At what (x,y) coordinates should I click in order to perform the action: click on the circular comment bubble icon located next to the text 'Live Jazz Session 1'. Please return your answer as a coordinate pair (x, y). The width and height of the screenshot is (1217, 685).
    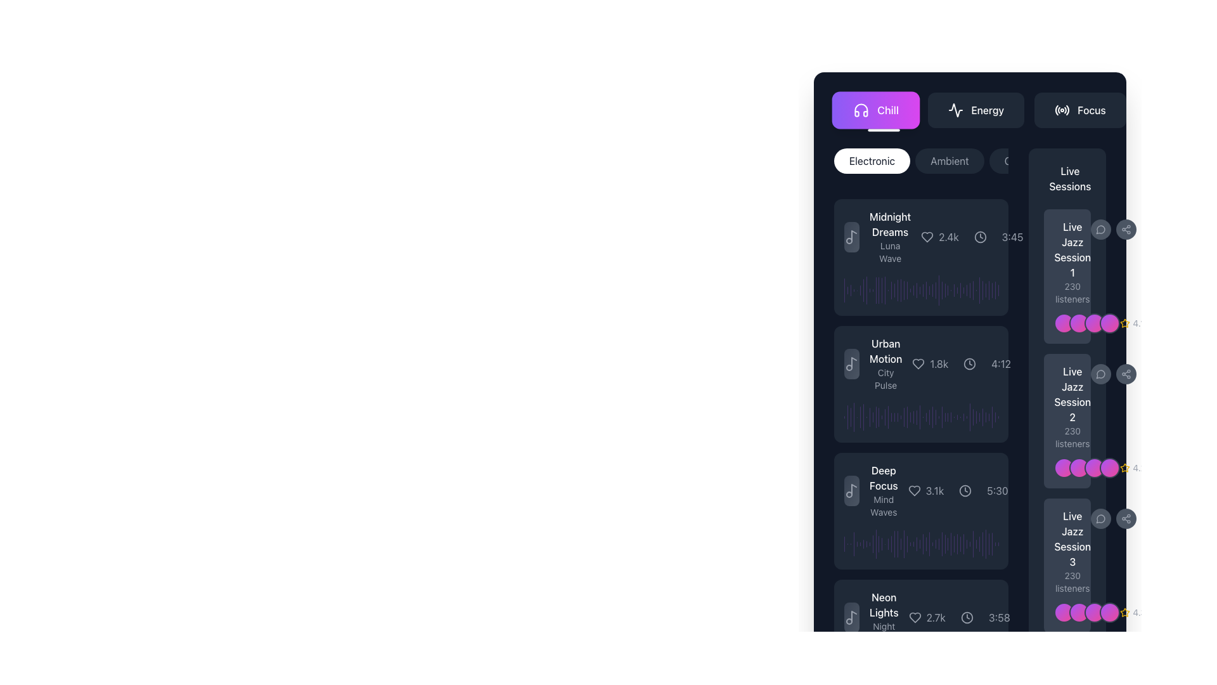
    Looking at the image, I should click on (1100, 230).